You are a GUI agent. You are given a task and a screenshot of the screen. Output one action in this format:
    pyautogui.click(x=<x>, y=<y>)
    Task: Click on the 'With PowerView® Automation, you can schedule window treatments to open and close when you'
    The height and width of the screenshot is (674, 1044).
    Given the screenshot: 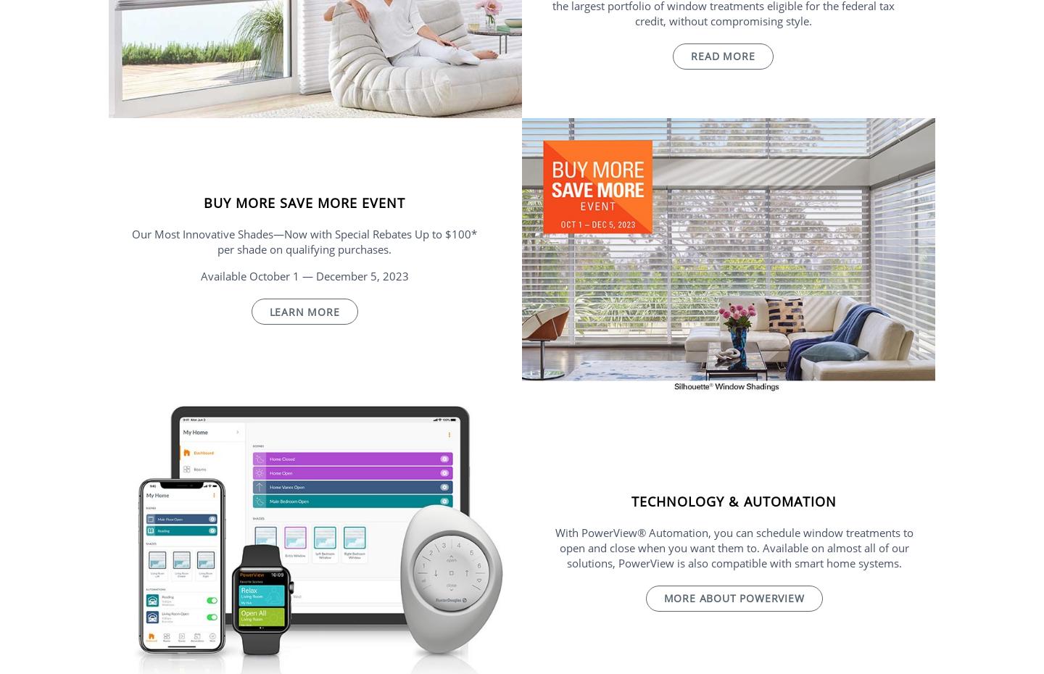 What is the action you would take?
    pyautogui.click(x=733, y=540)
    